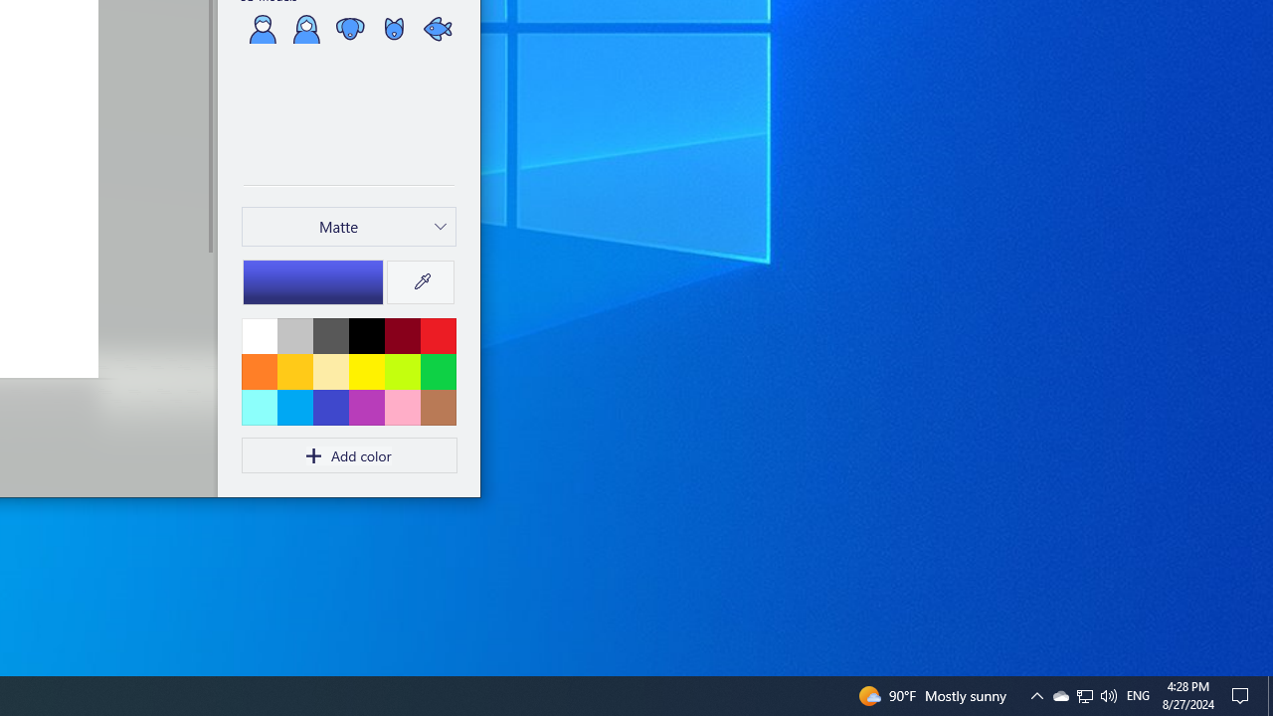 The height and width of the screenshot is (716, 1273). What do you see at coordinates (293, 406) in the screenshot?
I see `'Turquoise'` at bounding box center [293, 406].